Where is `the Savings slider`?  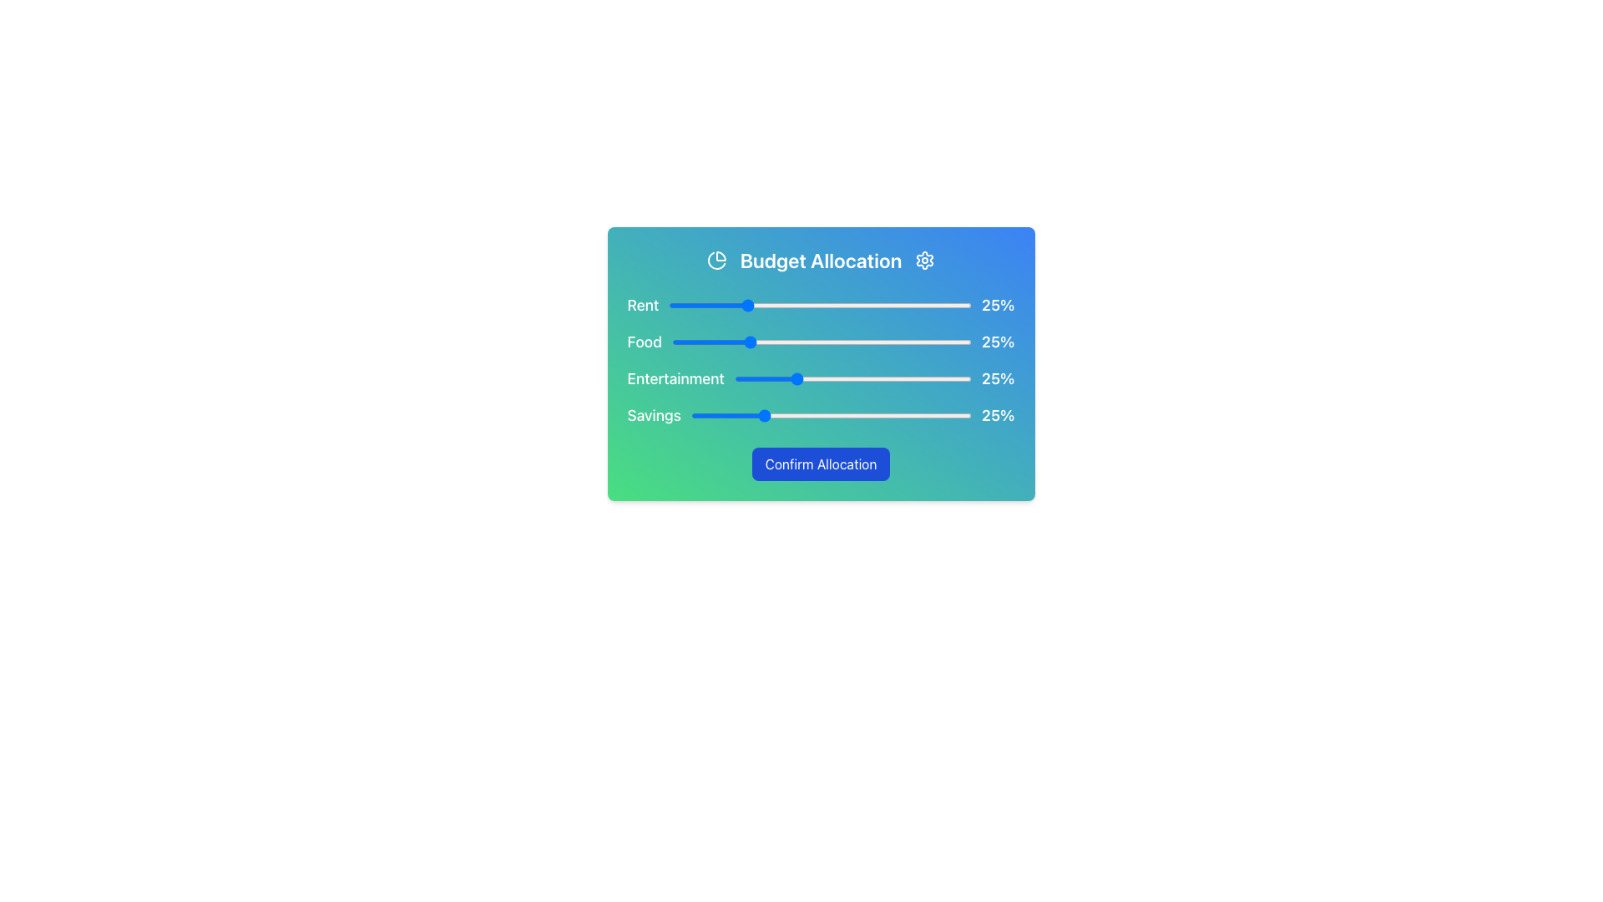 the Savings slider is located at coordinates (892, 414).